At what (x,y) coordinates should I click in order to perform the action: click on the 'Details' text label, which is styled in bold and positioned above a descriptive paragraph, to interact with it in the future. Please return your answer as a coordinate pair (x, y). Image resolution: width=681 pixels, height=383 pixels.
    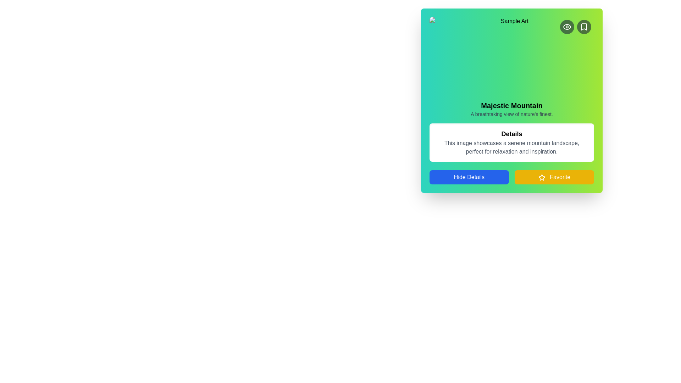
    Looking at the image, I should click on (512, 134).